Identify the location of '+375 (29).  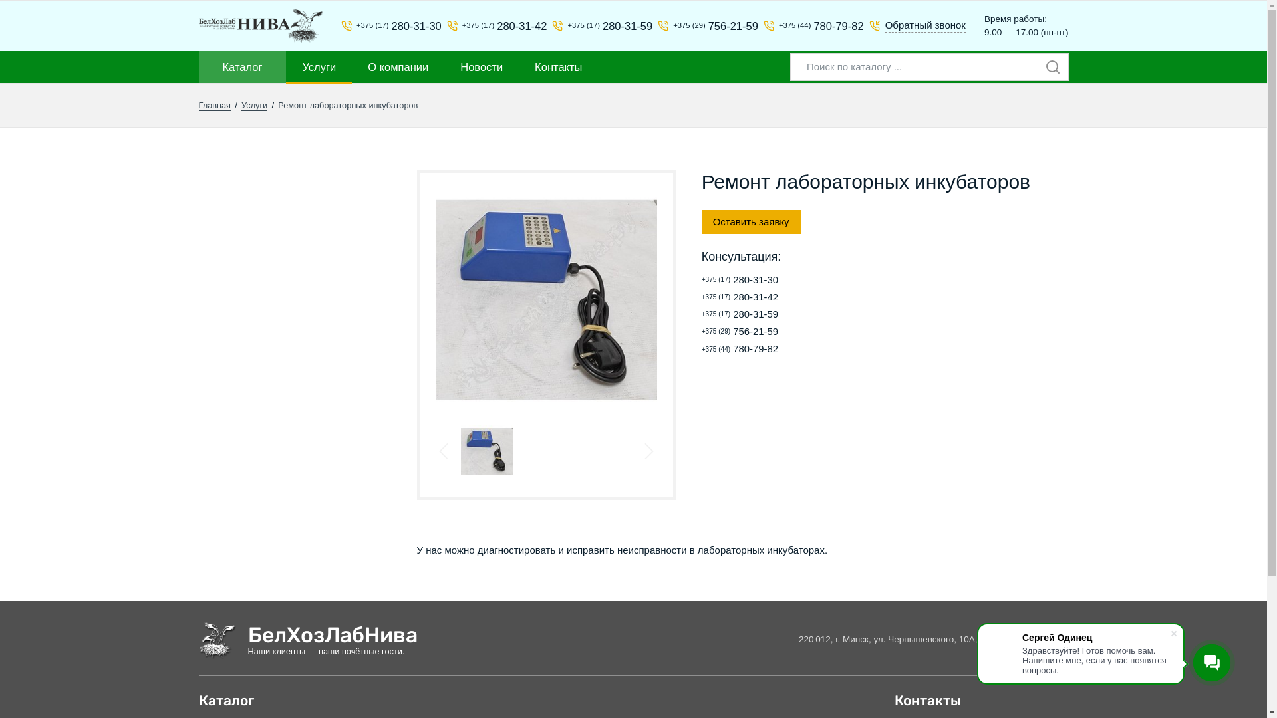
(702, 26).